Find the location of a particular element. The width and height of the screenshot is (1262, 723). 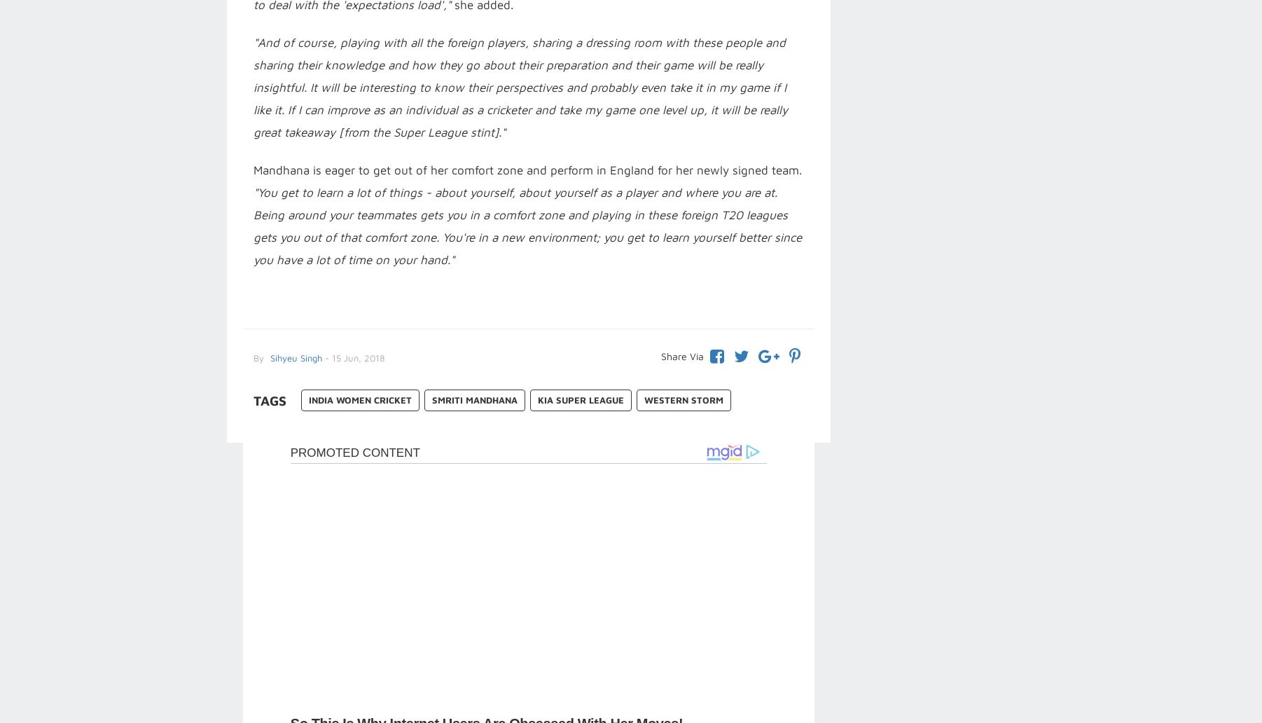

'Smriti Mandhana' is located at coordinates (474, 400).